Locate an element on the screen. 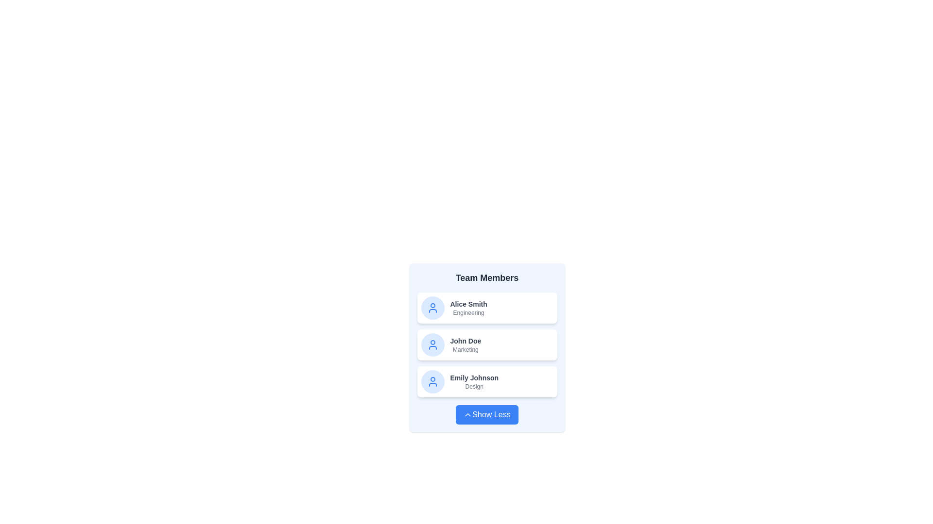  the Static Text Label that indicates 'Engineering' for the individual named 'Alice Smith', located directly below her name in the Team Members section is located at coordinates (468, 312).